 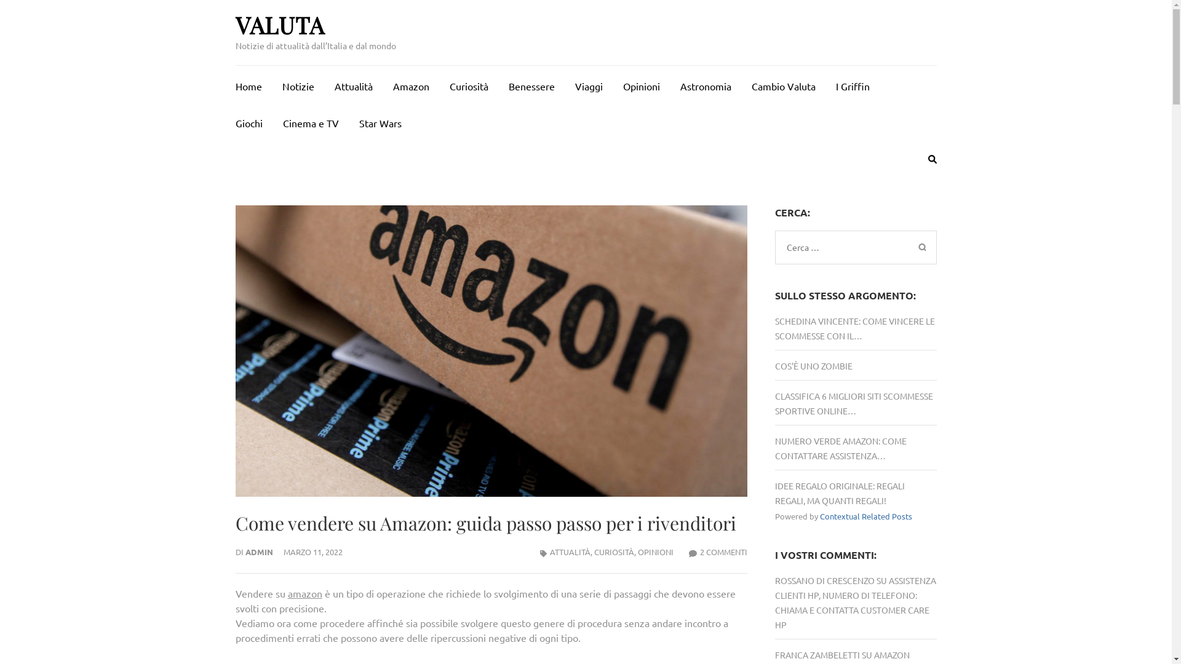 I want to click on 'Passa al contenuto (premi invio)', so click(x=0, y=0).